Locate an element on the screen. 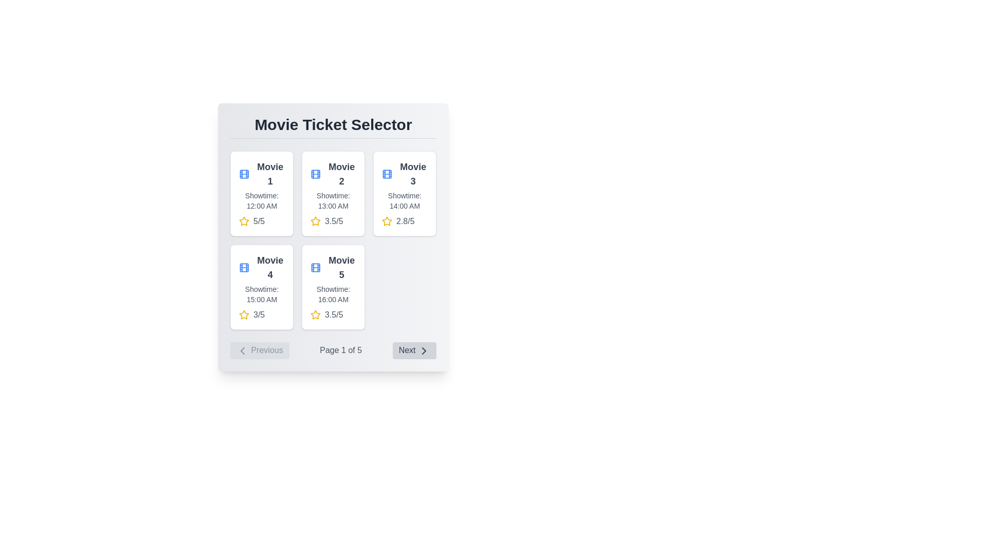 This screenshot has height=555, width=987. text label '3/5' located in the bottom-left corner of the 'Movie 4' card, next to the yellow star icon is located at coordinates (259, 314).